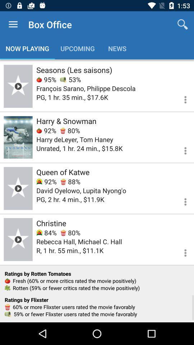  Describe the element at coordinates (46, 79) in the screenshot. I see `the icon to the left of 53% icon` at that location.